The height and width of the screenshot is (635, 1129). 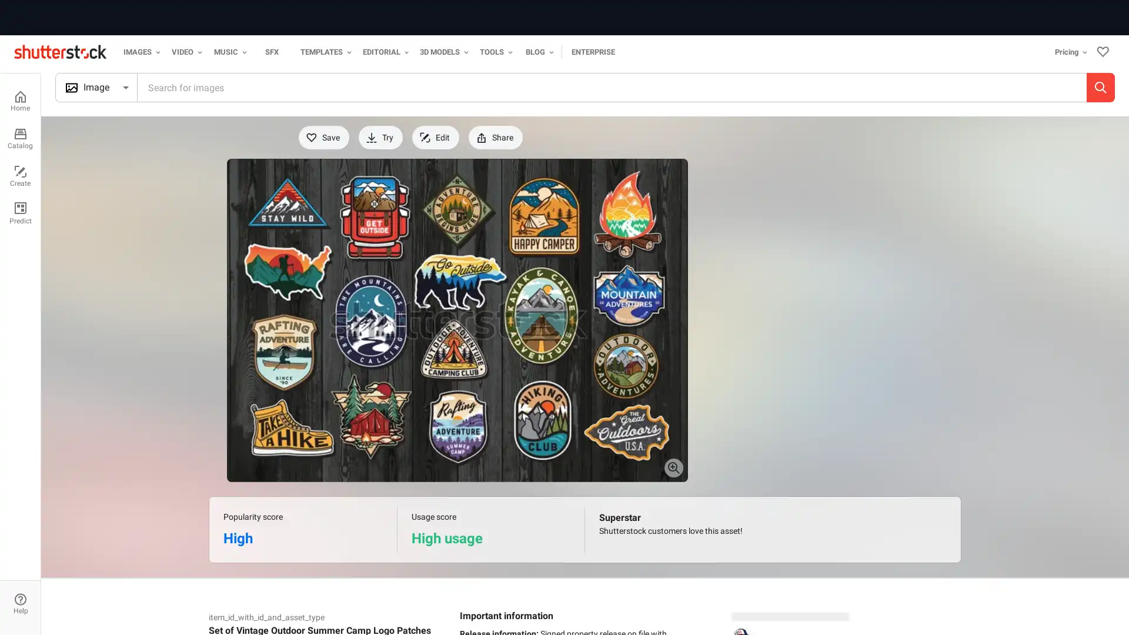 What do you see at coordinates (1095, 559) in the screenshot?
I see `Close` at bounding box center [1095, 559].